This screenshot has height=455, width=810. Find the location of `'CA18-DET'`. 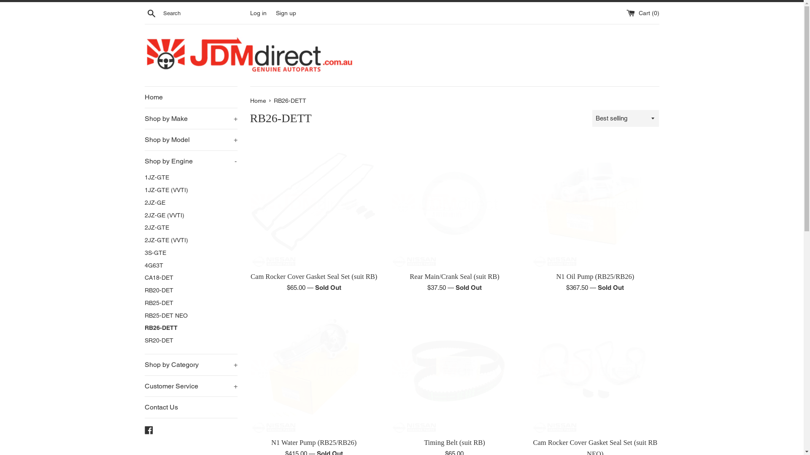

'CA18-DET' is located at coordinates (190, 278).